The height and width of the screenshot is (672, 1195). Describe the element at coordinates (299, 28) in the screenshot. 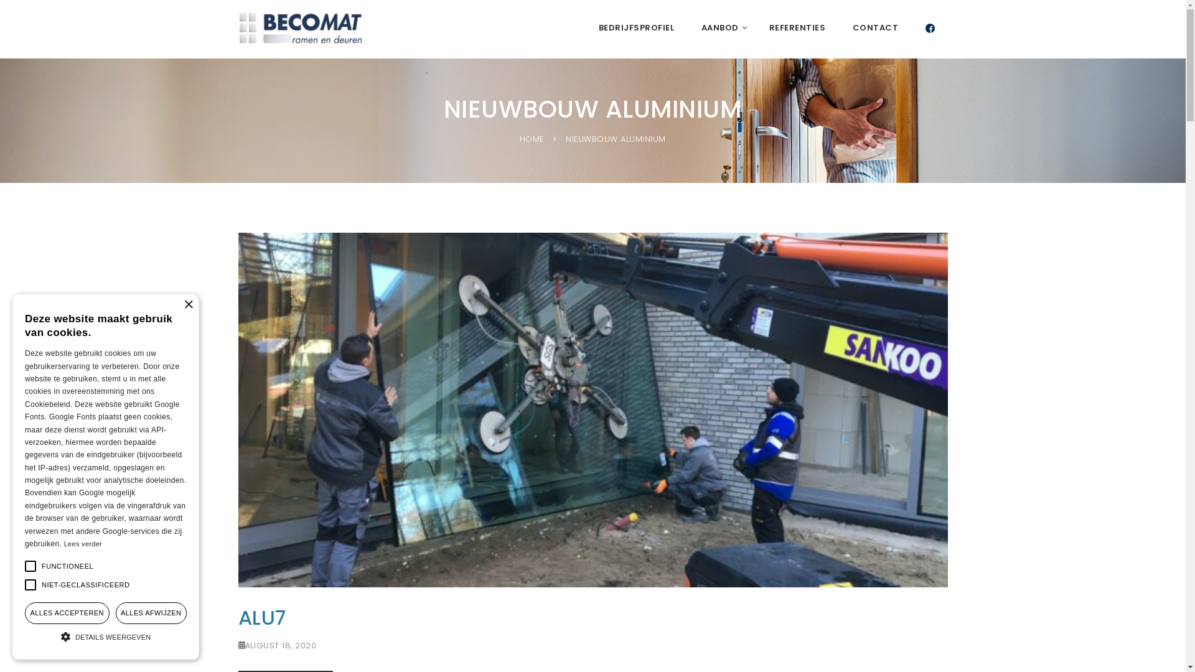

I see `'Becomat'` at that location.